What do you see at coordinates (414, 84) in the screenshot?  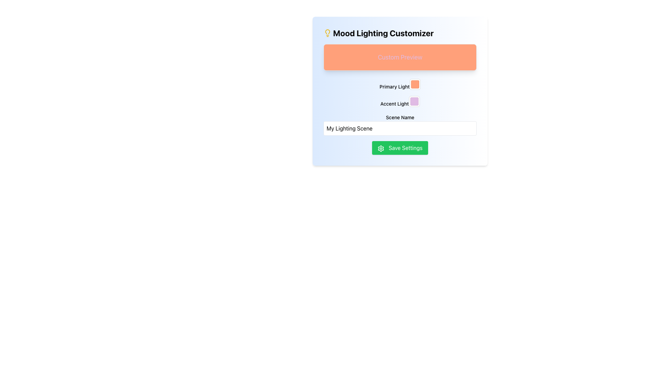 I see `the Color Picker Trigger located to the right of the 'Primary Light' label` at bounding box center [414, 84].